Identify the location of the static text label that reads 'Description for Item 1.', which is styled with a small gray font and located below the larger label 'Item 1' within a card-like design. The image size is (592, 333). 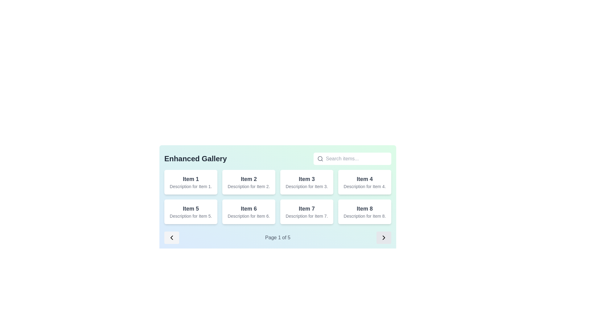
(191, 186).